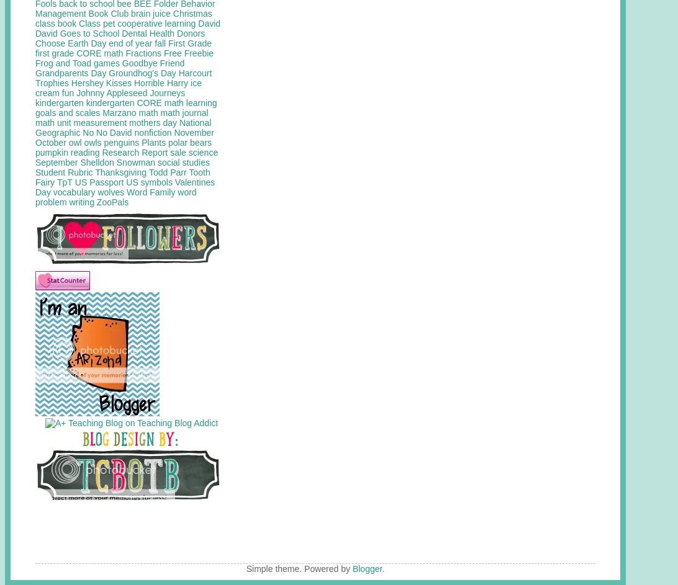 This screenshot has height=585, width=678. What do you see at coordinates (112, 201) in the screenshot?
I see `'ZooPals'` at bounding box center [112, 201].